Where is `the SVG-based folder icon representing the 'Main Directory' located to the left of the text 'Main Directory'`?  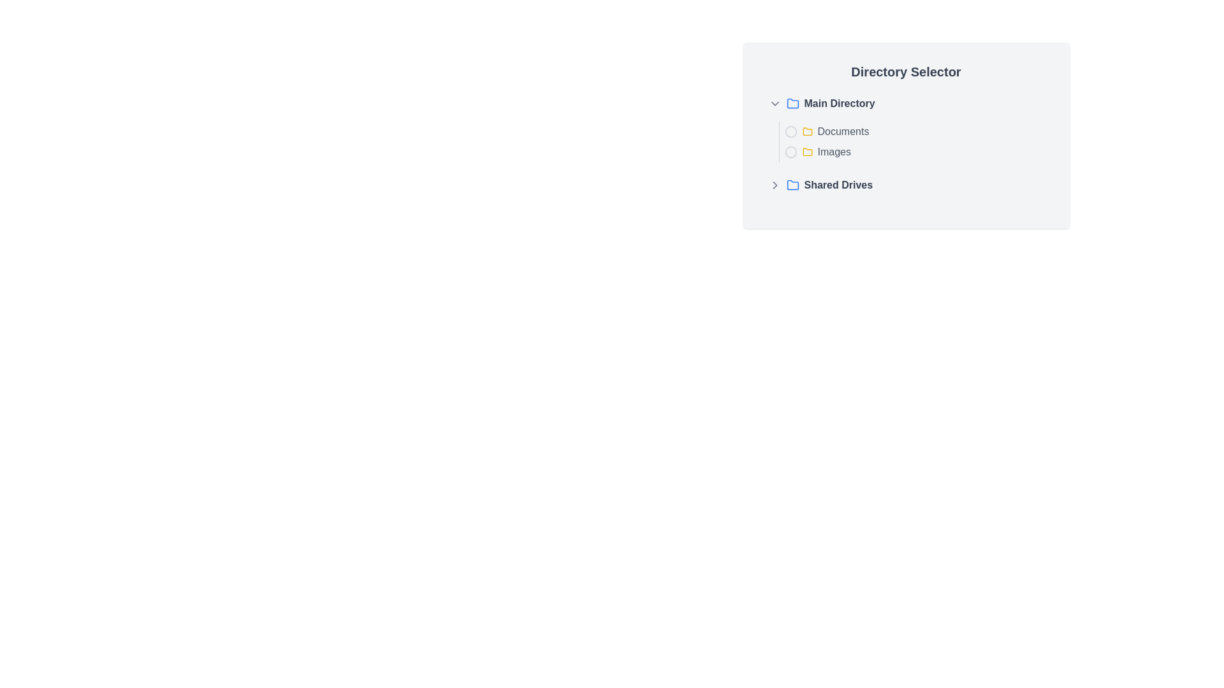
the SVG-based folder icon representing the 'Main Directory' located to the left of the text 'Main Directory' is located at coordinates (792, 103).